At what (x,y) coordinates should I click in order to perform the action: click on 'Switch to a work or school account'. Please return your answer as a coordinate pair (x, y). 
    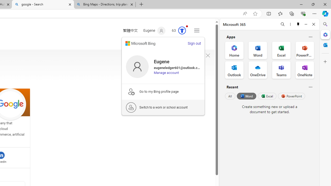
    Looking at the image, I should click on (163, 107).